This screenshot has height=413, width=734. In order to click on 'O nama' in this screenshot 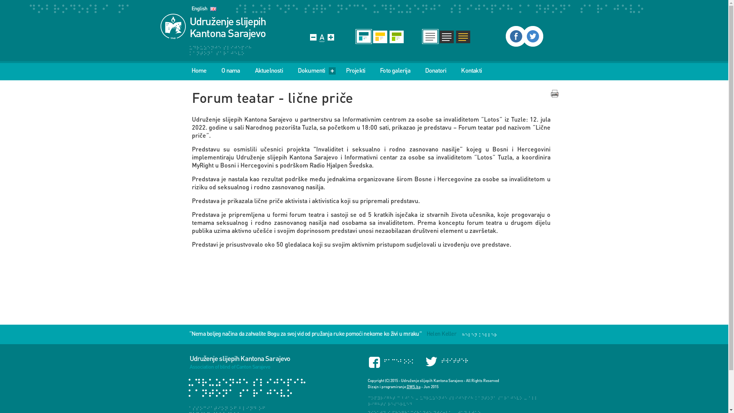, I will do `click(230, 70)`.